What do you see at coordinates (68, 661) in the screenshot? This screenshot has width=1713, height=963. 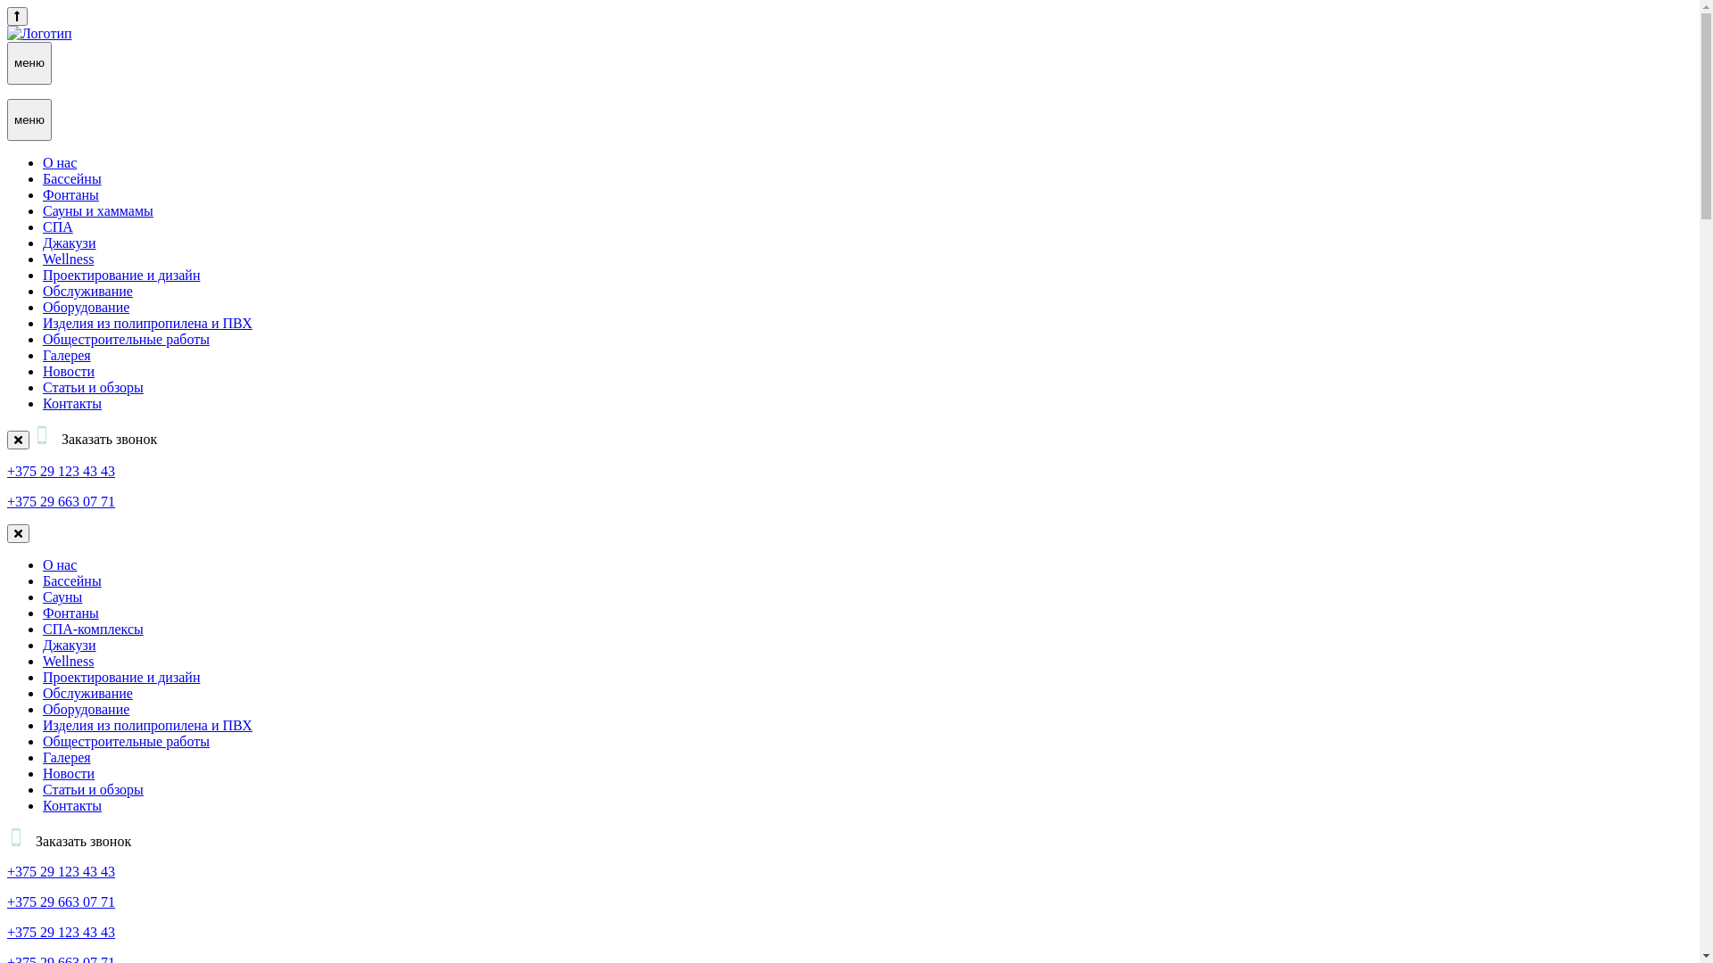 I see `'Wellness'` at bounding box center [68, 661].